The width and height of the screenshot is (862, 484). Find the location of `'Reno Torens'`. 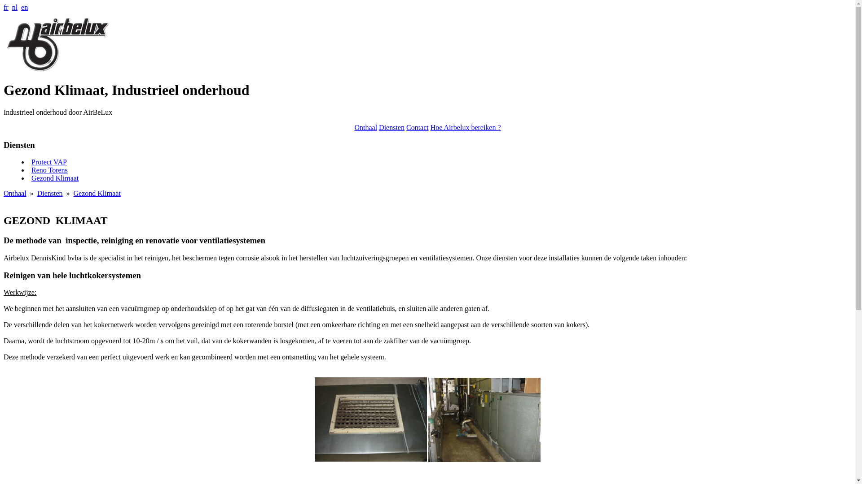

'Reno Torens' is located at coordinates (49, 170).